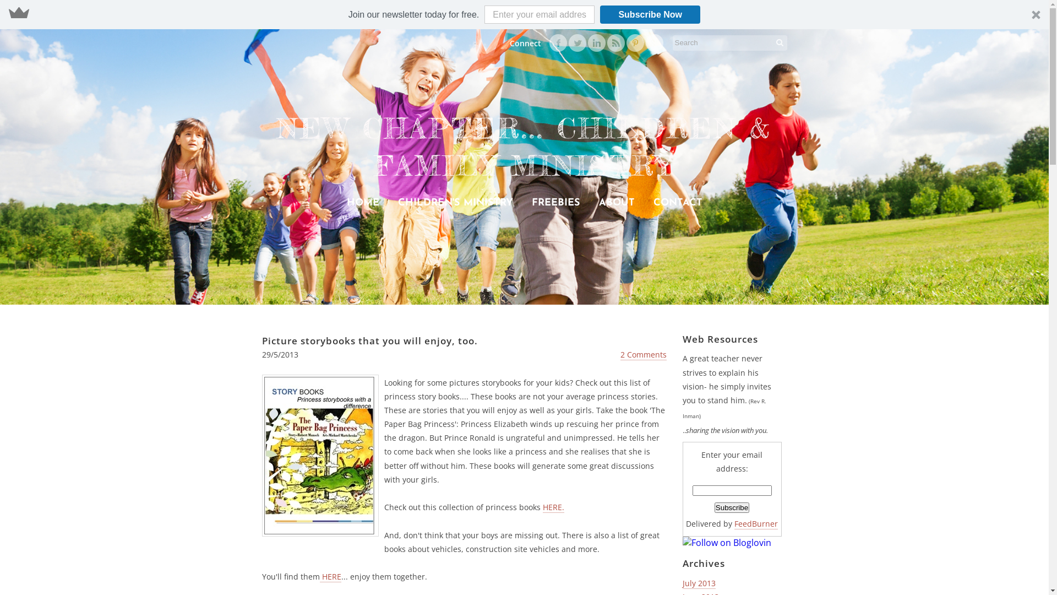  I want to click on '2 Comments', so click(642, 355).